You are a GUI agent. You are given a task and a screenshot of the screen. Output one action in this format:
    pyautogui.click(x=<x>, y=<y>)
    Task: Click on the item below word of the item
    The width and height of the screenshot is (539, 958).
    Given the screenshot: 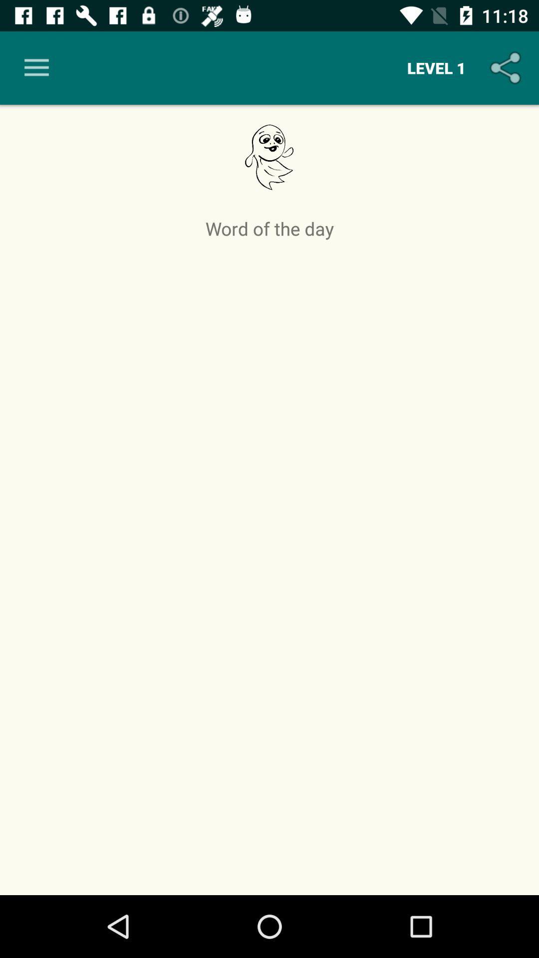 What is the action you would take?
    pyautogui.click(x=269, y=564)
    